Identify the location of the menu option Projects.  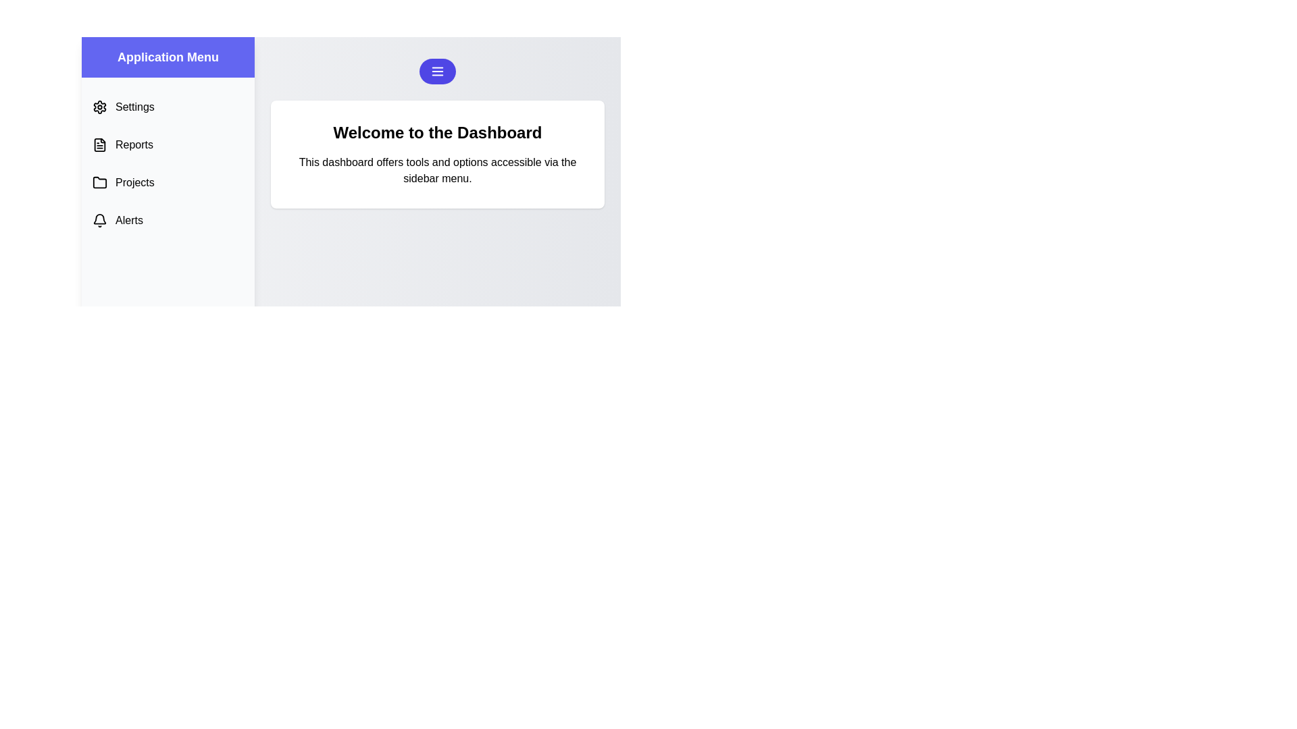
(168, 182).